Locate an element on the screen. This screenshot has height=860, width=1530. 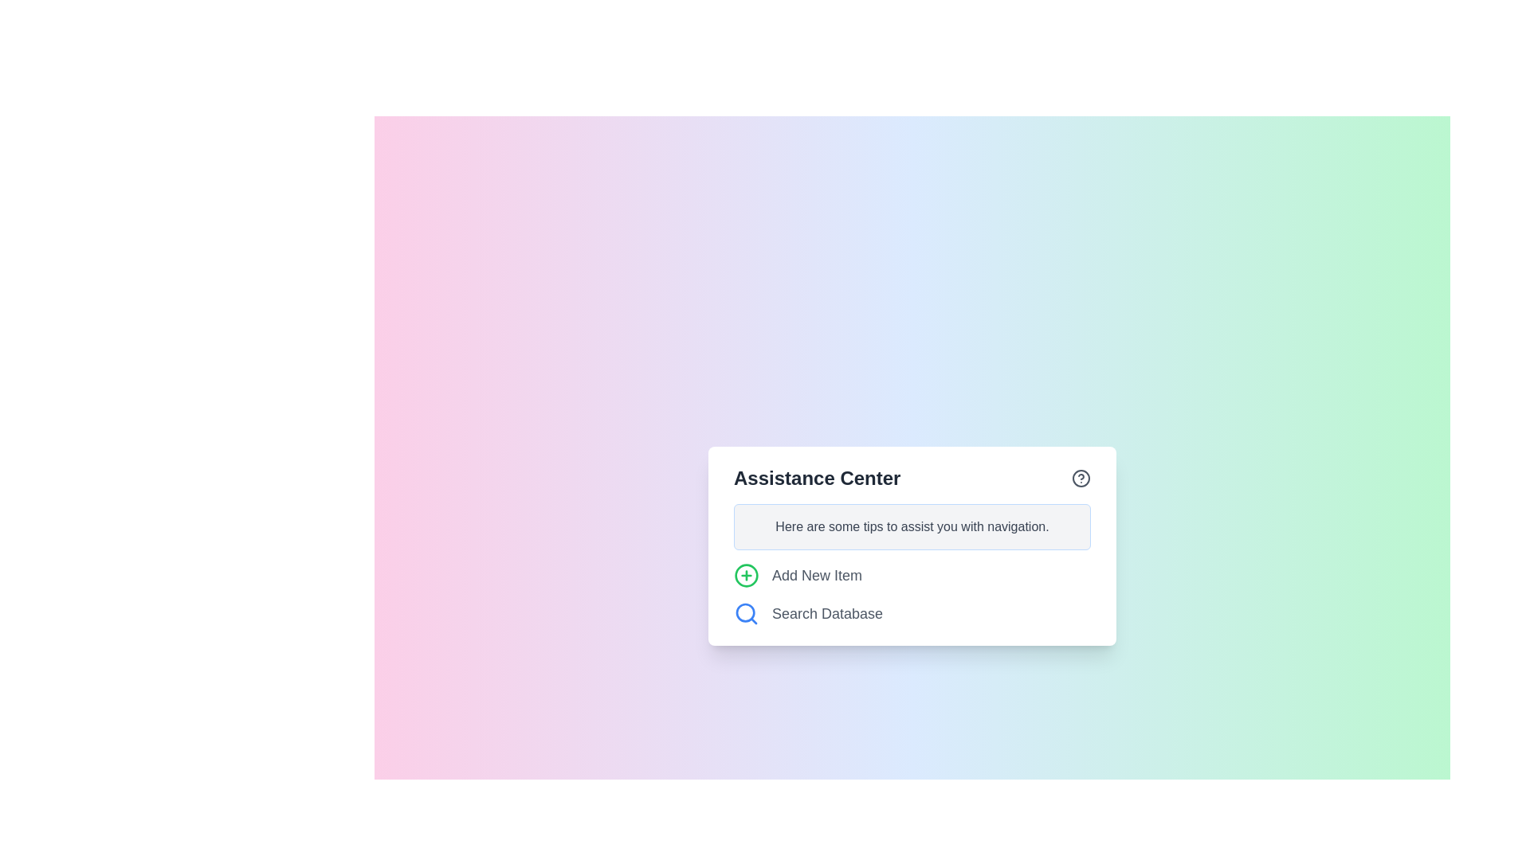
the circular green icon with a plus sign is located at coordinates (745, 575).